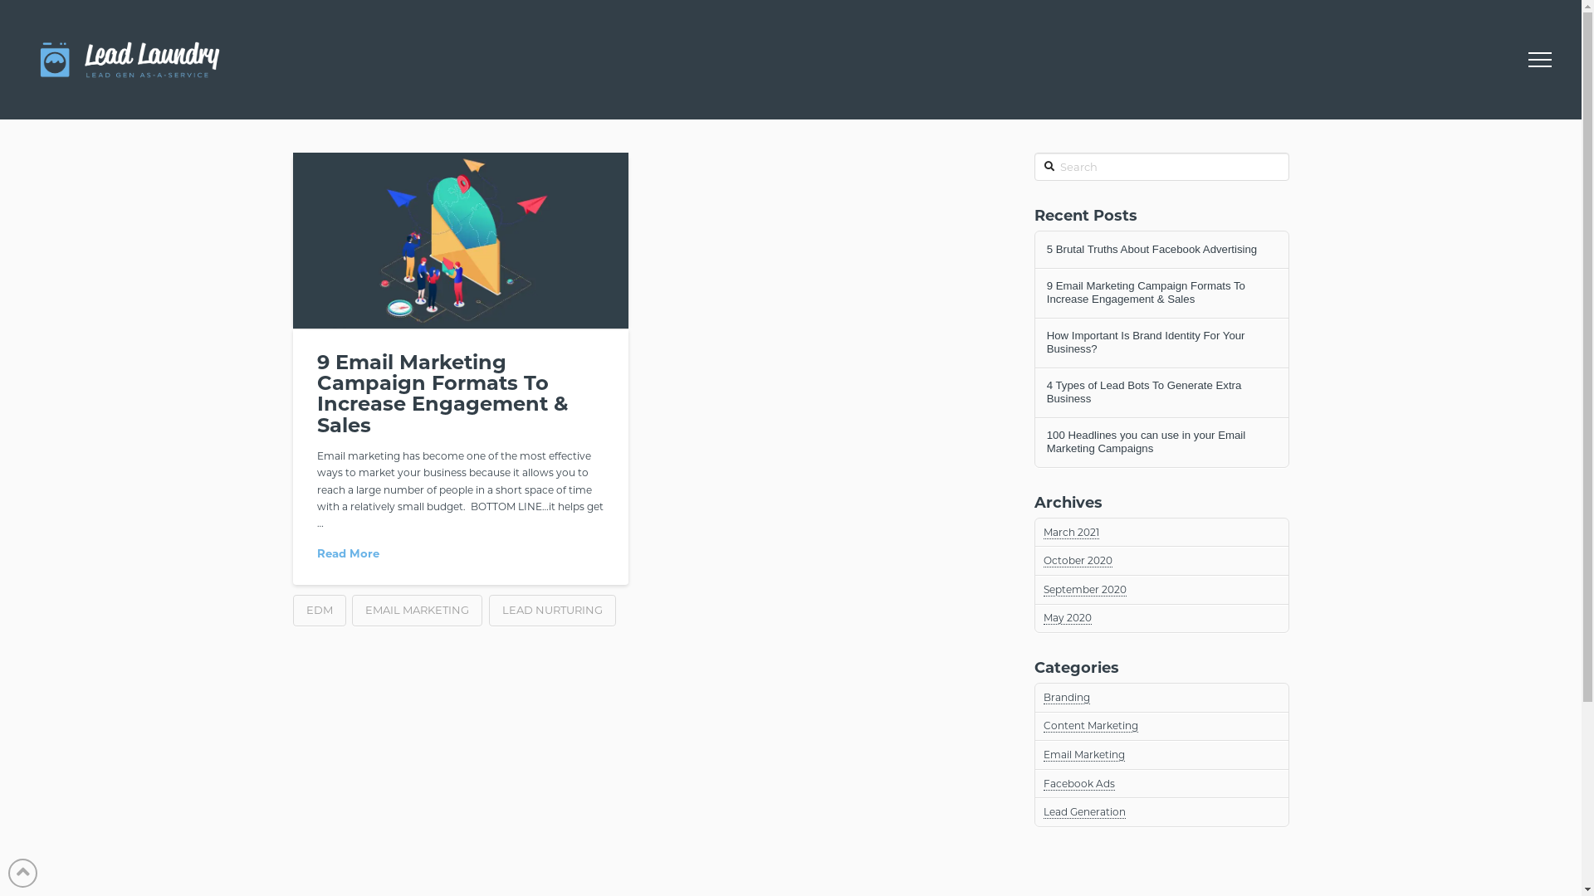 The width and height of the screenshot is (1594, 896). Describe the element at coordinates (1043, 725) in the screenshot. I see `'Content Marketing'` at that location.